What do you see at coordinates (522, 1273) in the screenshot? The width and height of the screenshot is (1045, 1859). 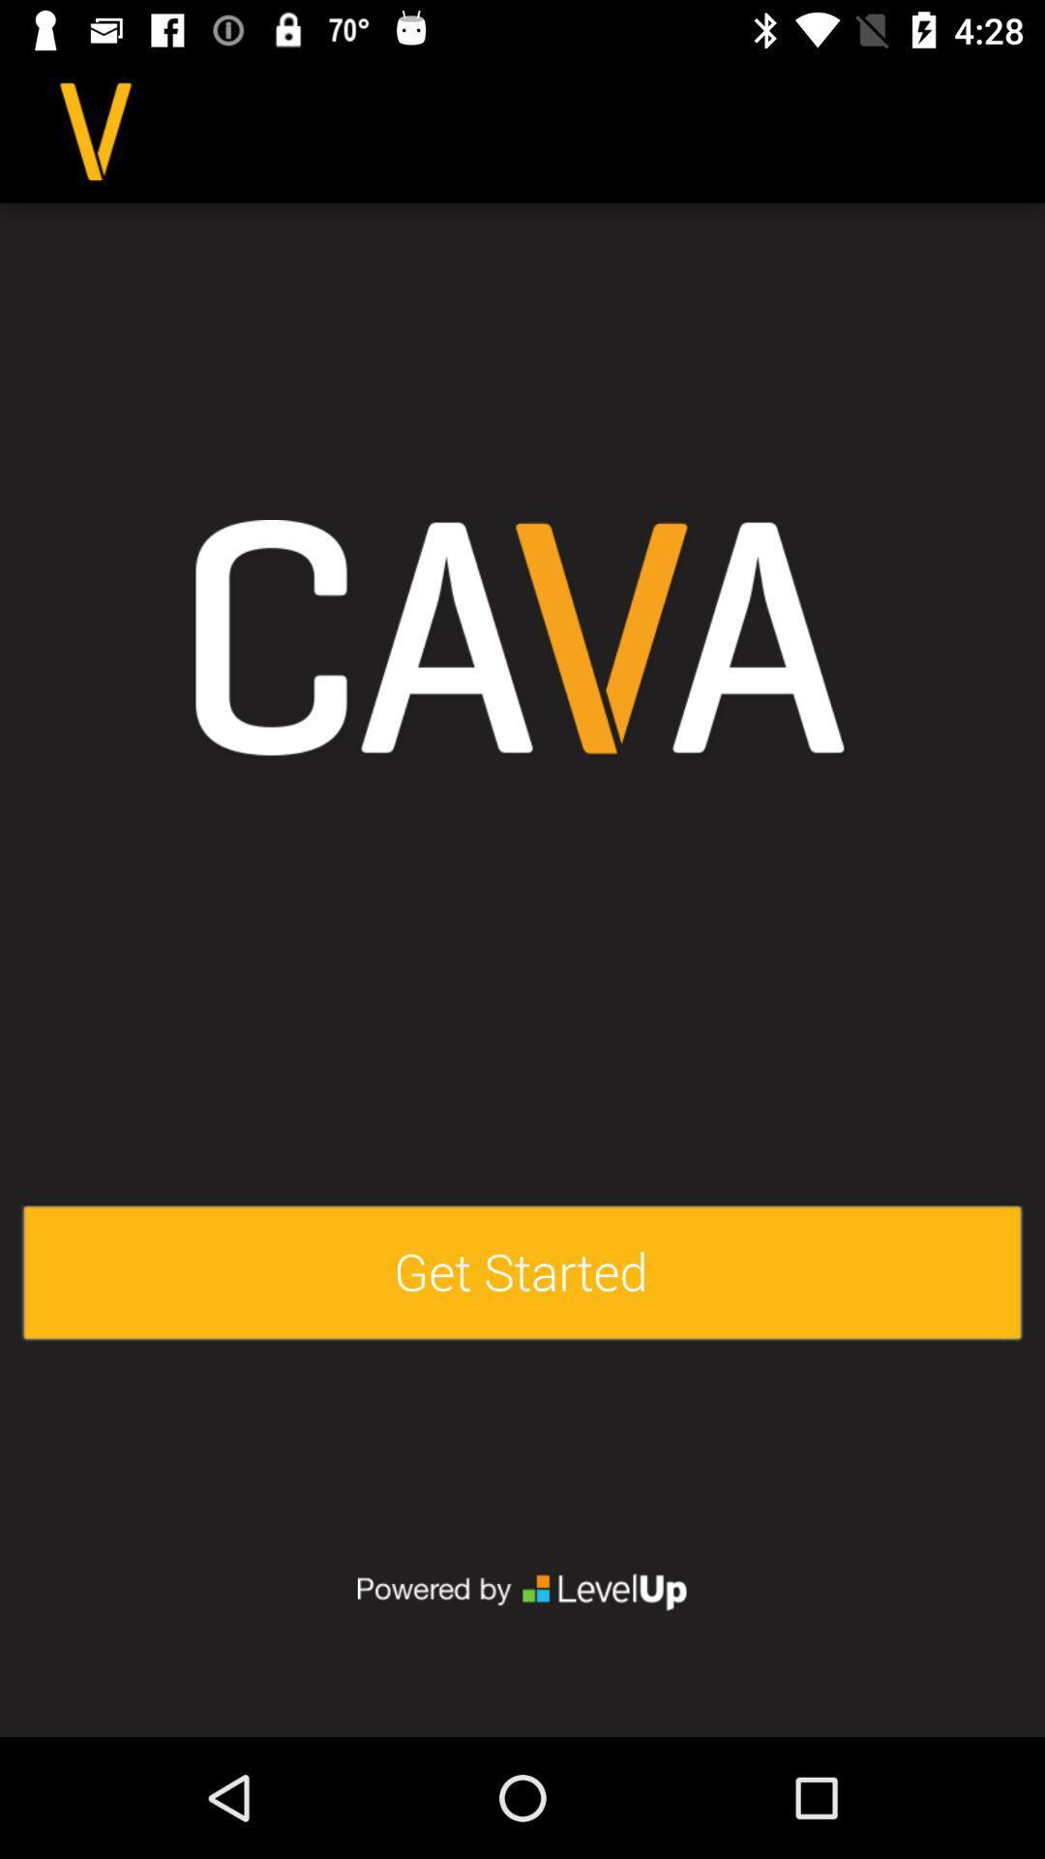 I see `get started item` at bounding box center [522, 1273].